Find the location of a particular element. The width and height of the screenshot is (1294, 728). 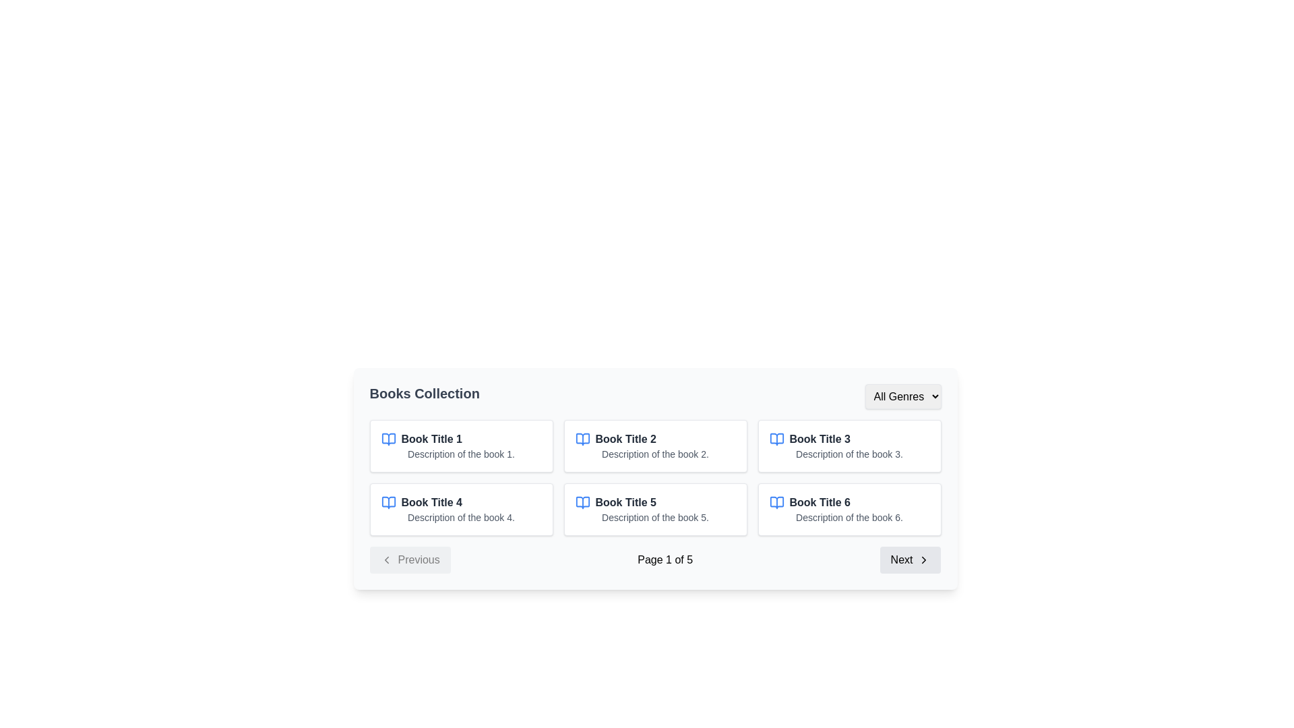

the Text Label displaying the title of a book, located in the bottom-left grid cell of the 'Books Collection' section, to the right of the book icon is located at coordinates (431, 502).